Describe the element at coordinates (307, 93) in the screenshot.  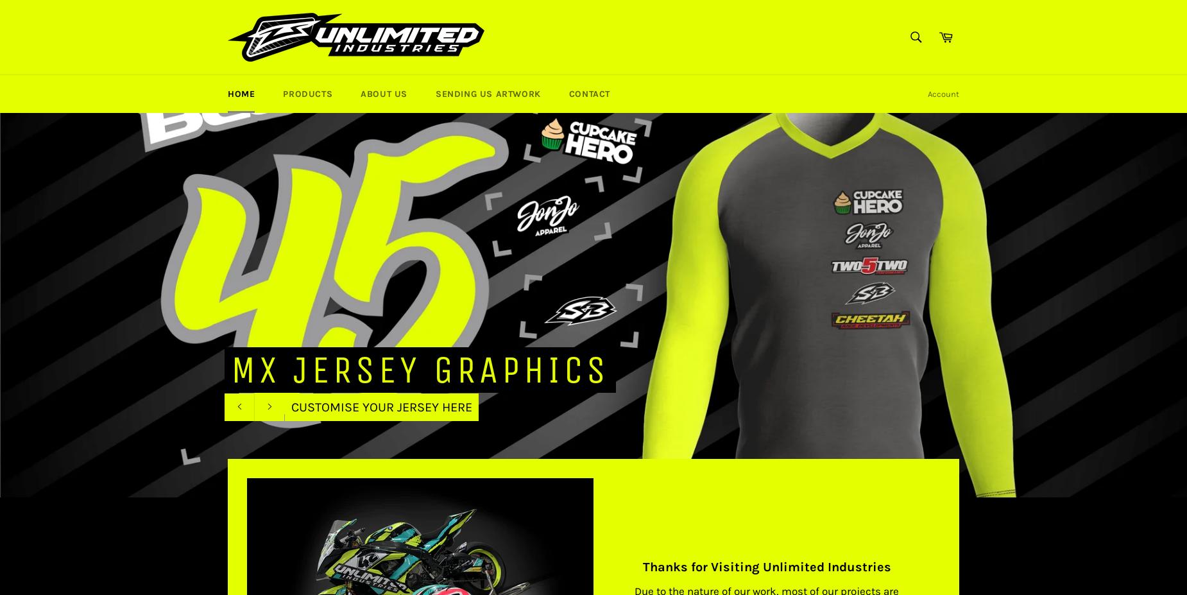
I see `'Products'` at that location.